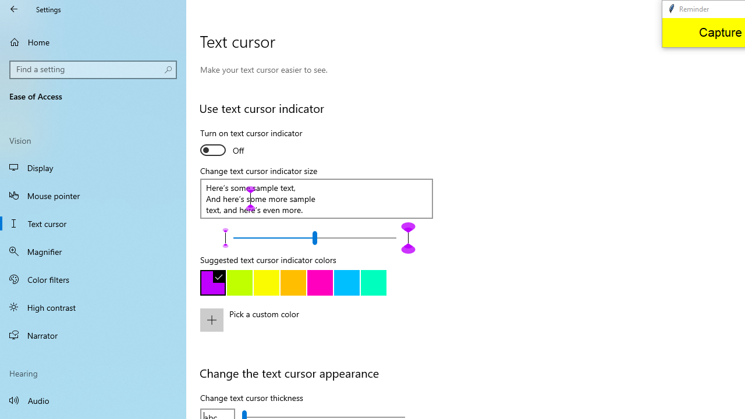 The height and width of the screenshot is (419, 745). Describe the element at coordinates (93, 168) in the screenshot. I see `'Display'` at that location.